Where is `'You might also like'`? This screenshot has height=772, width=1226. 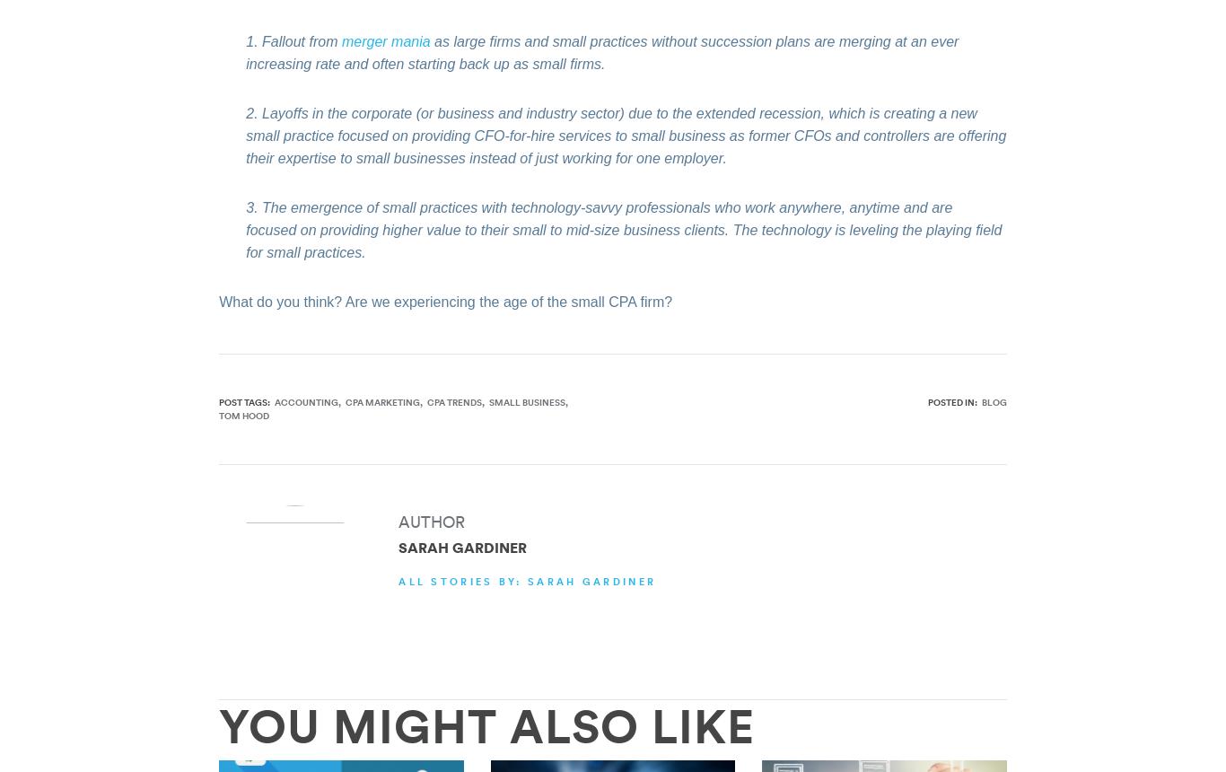
'You might also like' is located at coordinates (486, 724).